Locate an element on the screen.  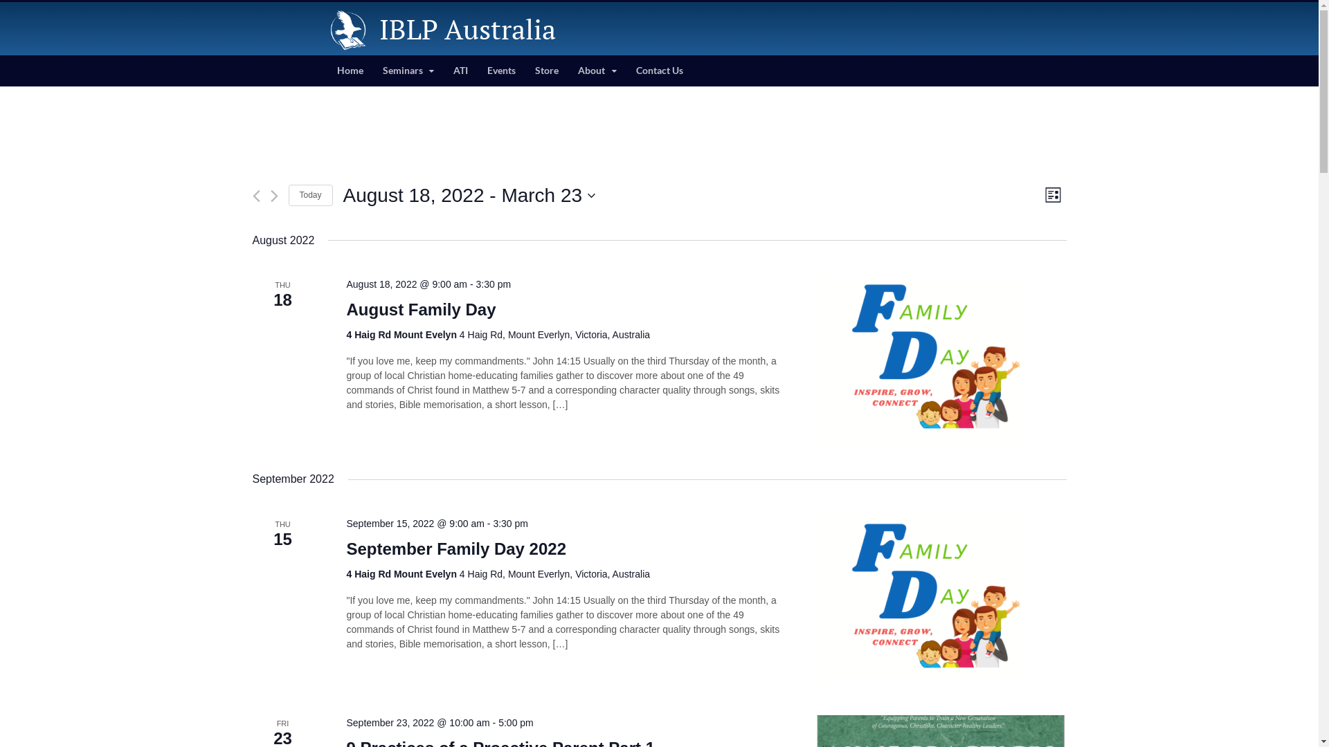
'ATI' is located at coordinates (460, 71).